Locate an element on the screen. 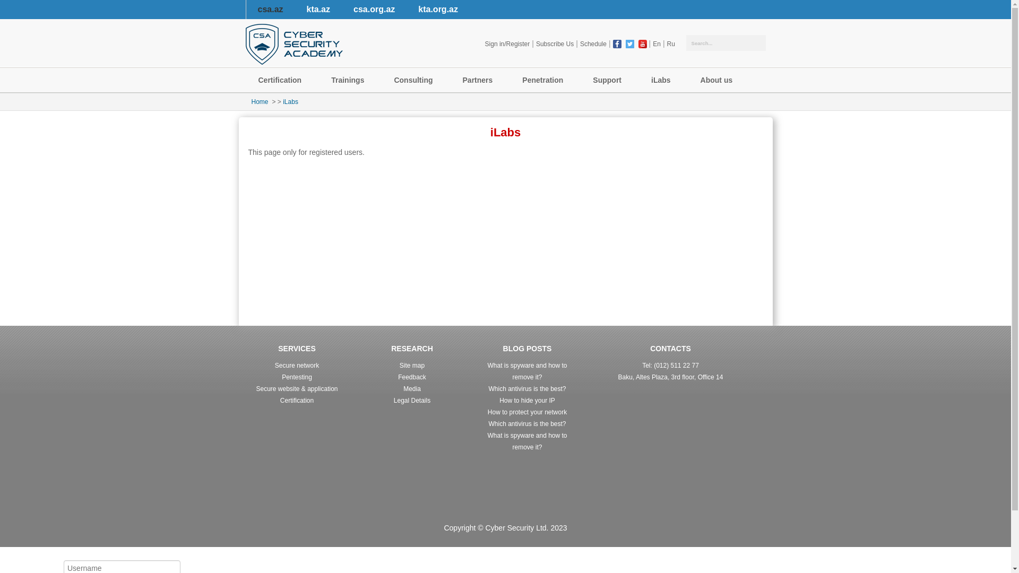 The image size is (1019, 573). 'Which antivirus is the best?' is located at coordinates (527, 388).